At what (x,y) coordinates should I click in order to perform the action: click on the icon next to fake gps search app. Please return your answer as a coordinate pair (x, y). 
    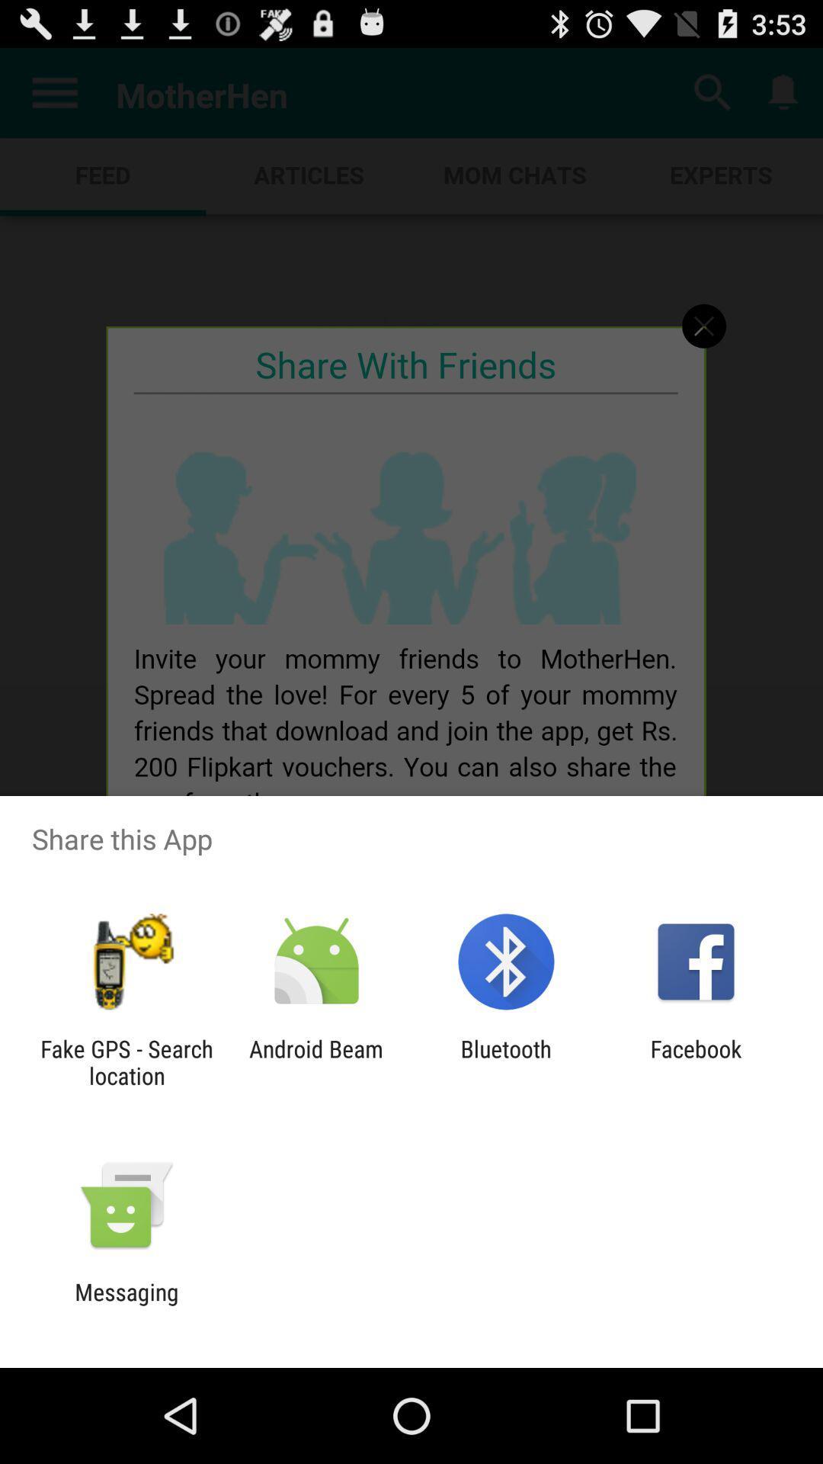
    Looking at the image, I should click on (315, 1061).